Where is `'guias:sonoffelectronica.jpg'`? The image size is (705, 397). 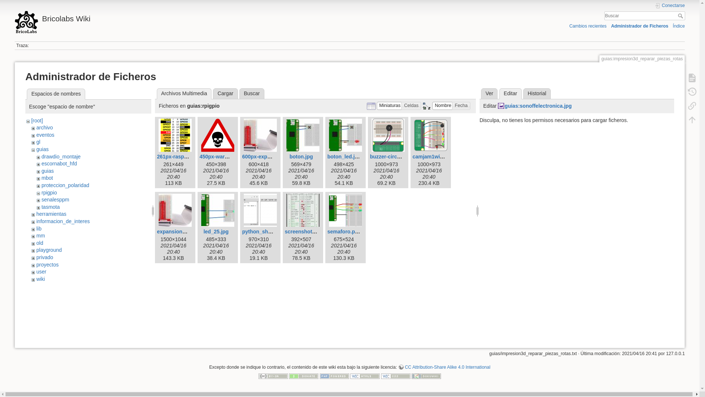
'guias:sonoffelectronica.jpg' is located at coordinates (535, 106).